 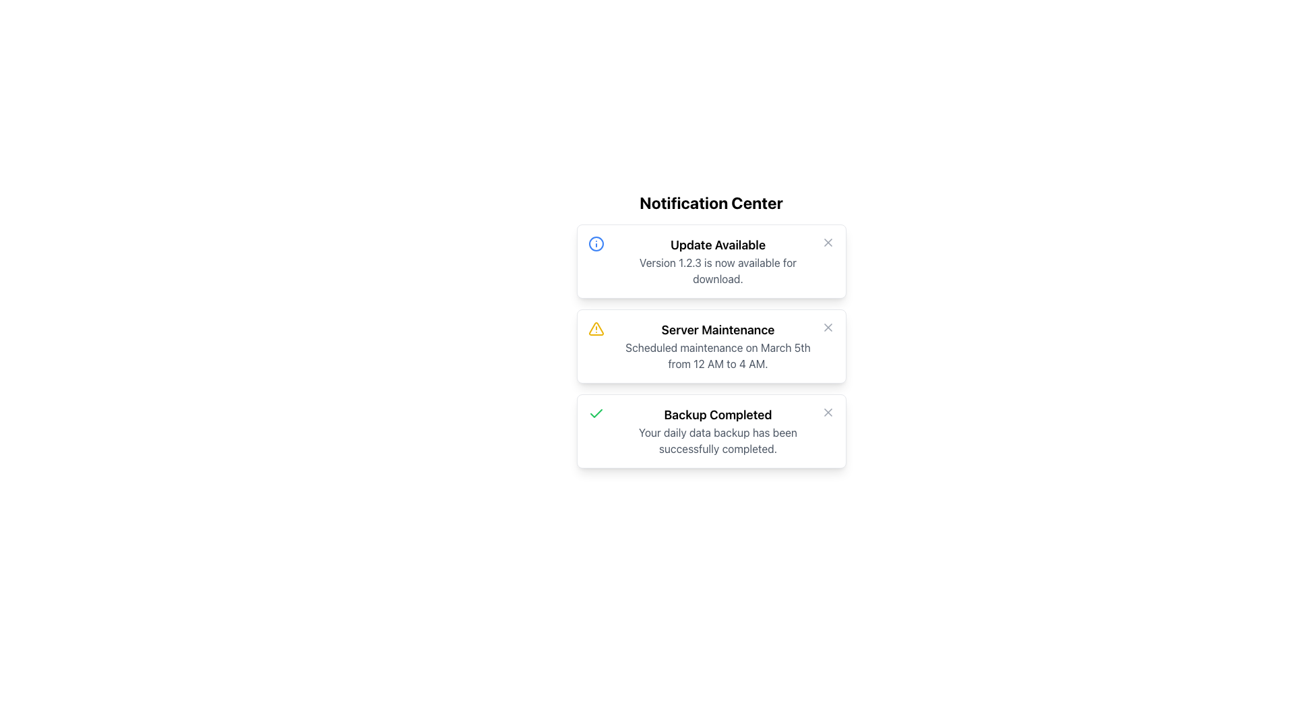 What do you see at coordinates (827, 328) in the screenshot?
I see `the 'X' button in the top-right corner of the 'Server Maintenance' notification box` at bounding box center [827, 328].